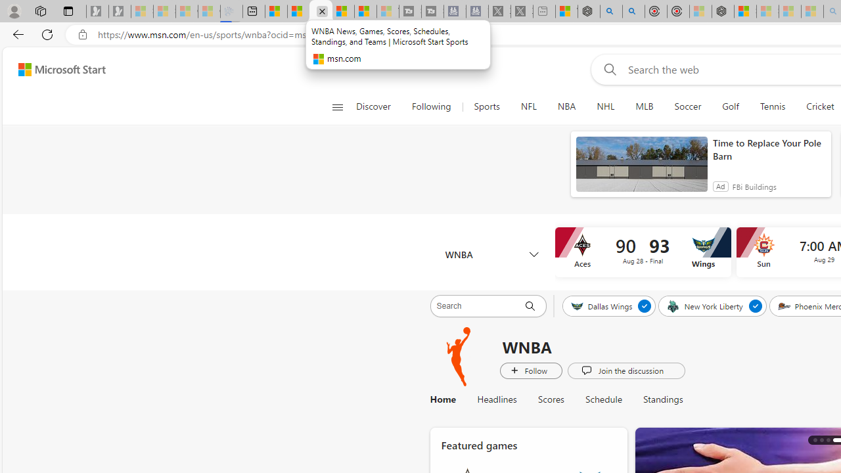  Describe the element at coordinates (645, 305) in the screenshot. I see `'Unfollow Dallas Wings'` at that location.